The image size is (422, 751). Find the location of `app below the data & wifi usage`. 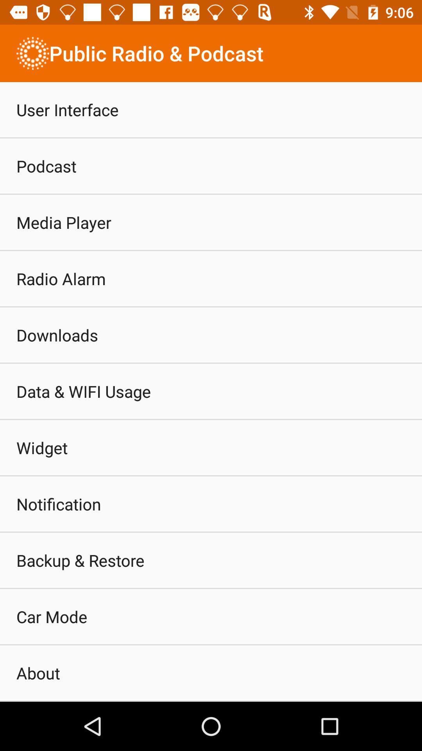

app below the data & wifi usage is located at coordinates (42, 447).